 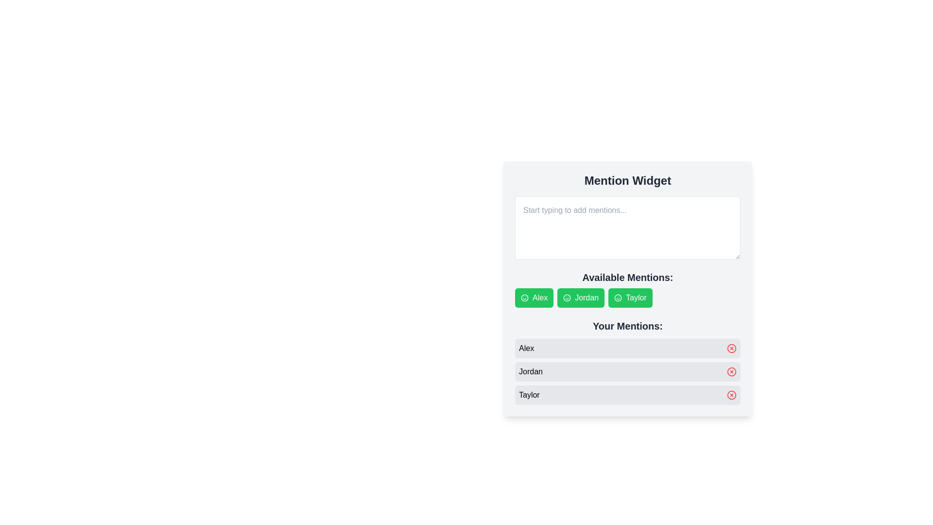 I want to click on the static text label that serves as a heading for the available mentions, positioned above the row of green buttons labeled 'Alex', 'Jordan', and 'Taylor', so click(x=627, y=277).